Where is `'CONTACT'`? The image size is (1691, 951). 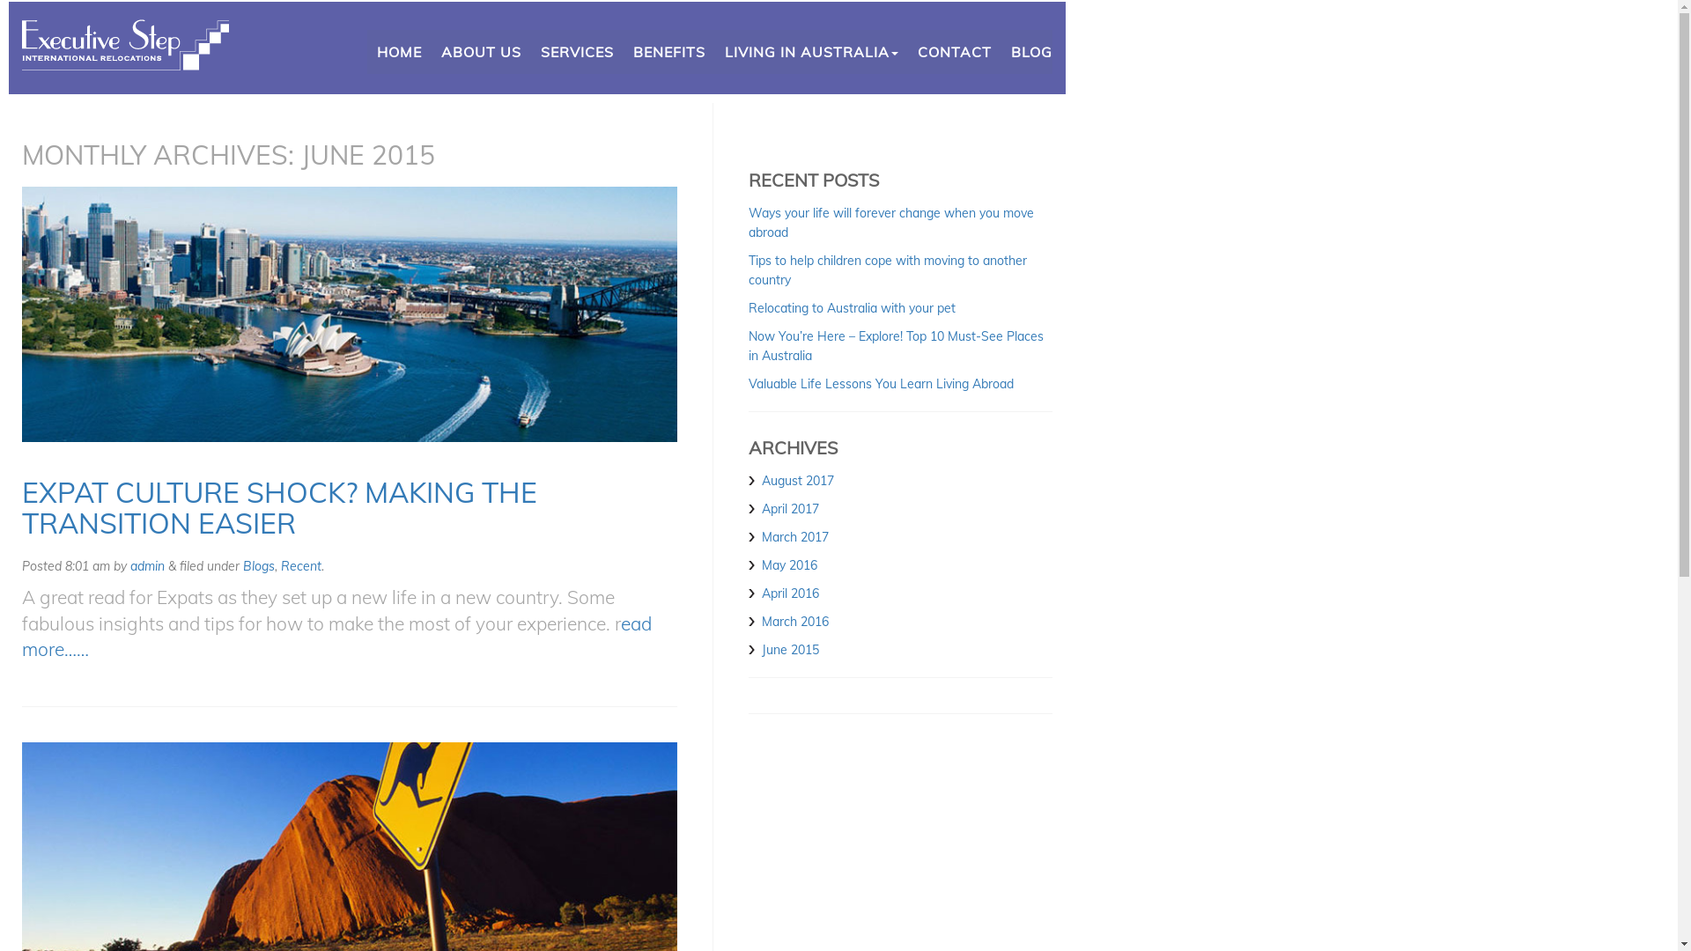 'CONTACT' is located at coordinates (954, 50).